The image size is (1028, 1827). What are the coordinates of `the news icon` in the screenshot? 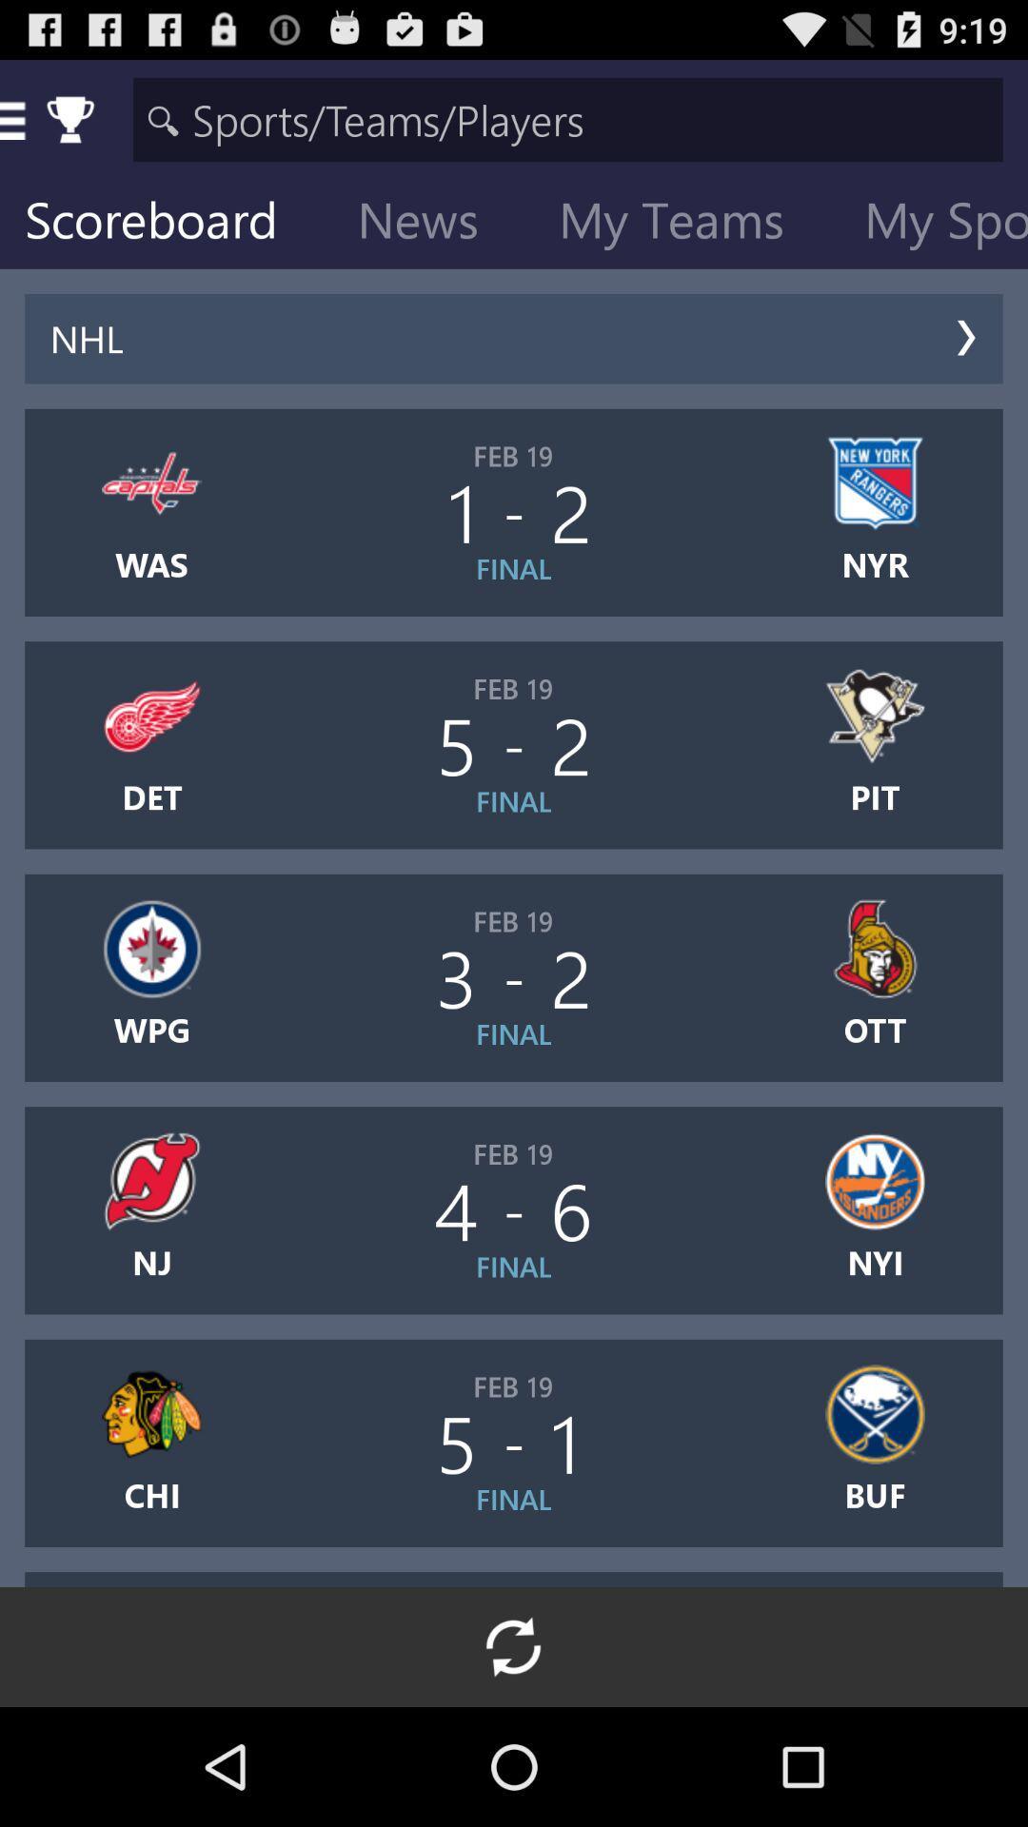 It's located at (433, 224).